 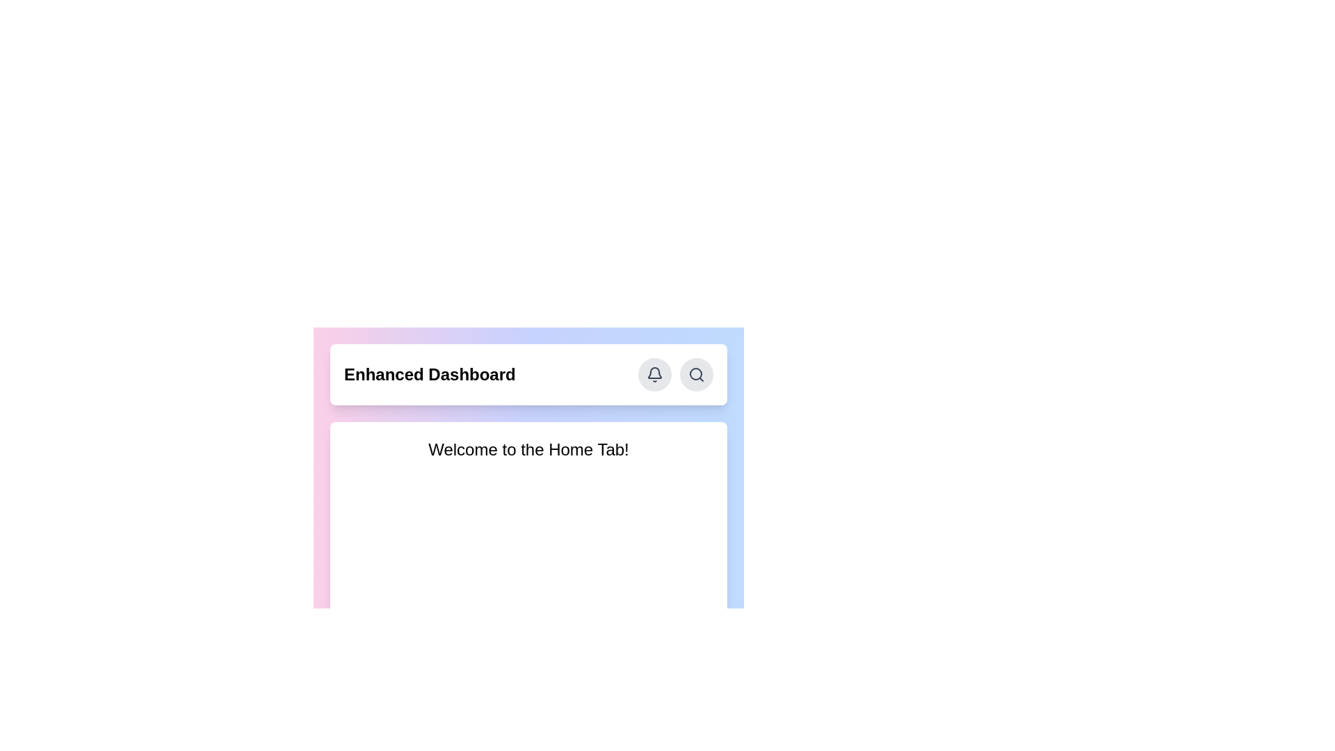 What do you see at coordinates (697, 374) in the screenshot?
I see `the magnifying glass icon in the top-right corner of the dashboard interface` at bounding box center [697, 374].